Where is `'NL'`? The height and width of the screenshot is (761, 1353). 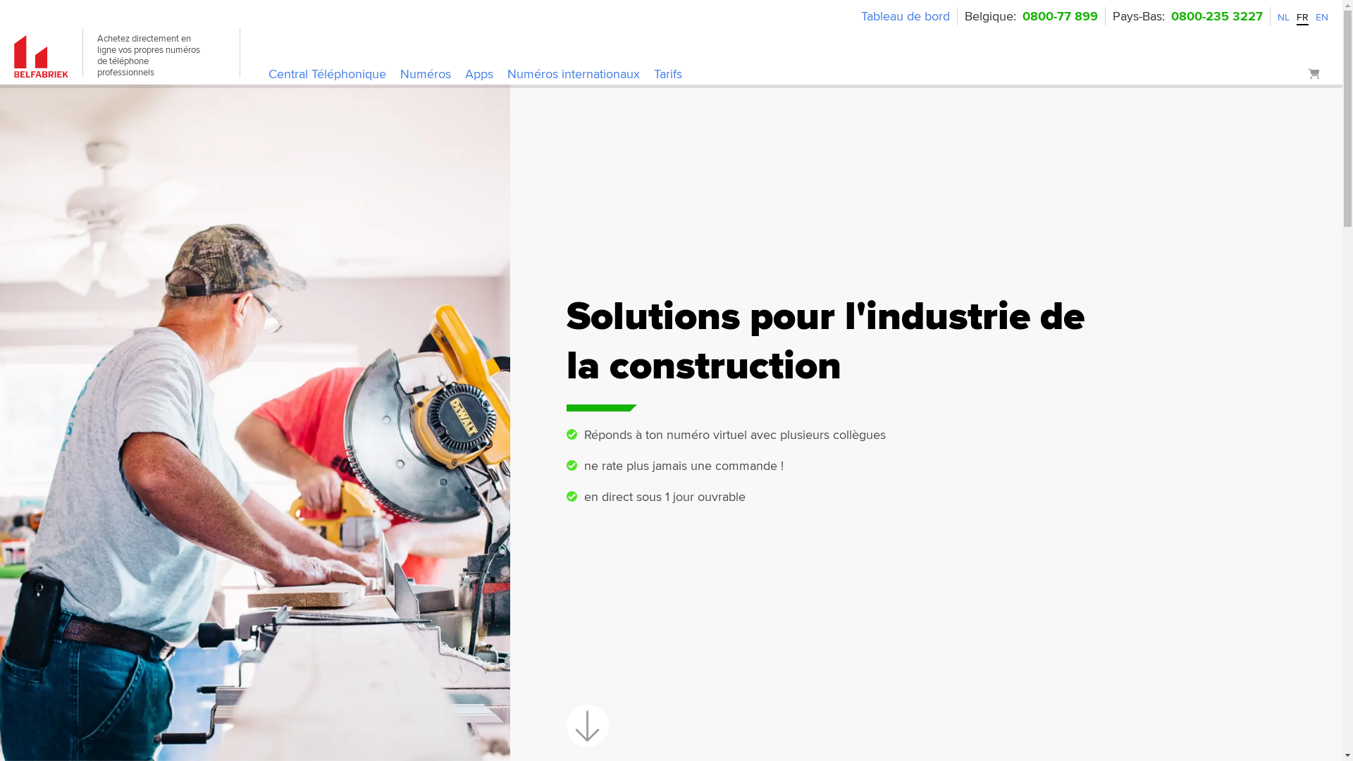 'NL' is located at coordinates (1283, 17).